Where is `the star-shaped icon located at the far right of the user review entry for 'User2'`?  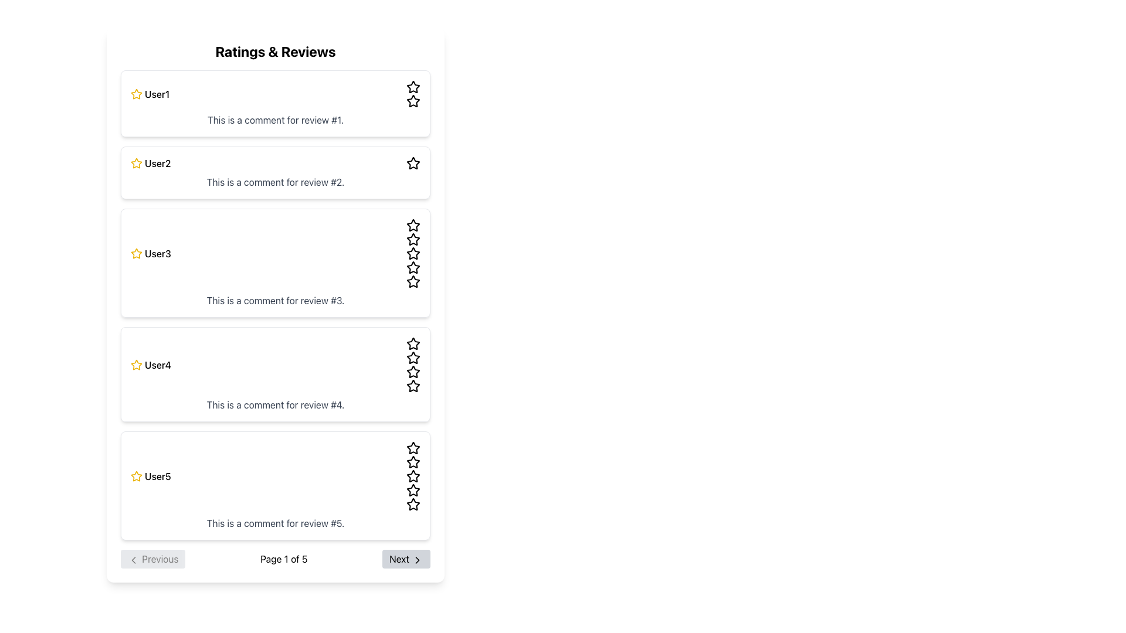
the star-shaped icon located at the far right of the user review entry for 'User2' is located at coordinates (413, 163).